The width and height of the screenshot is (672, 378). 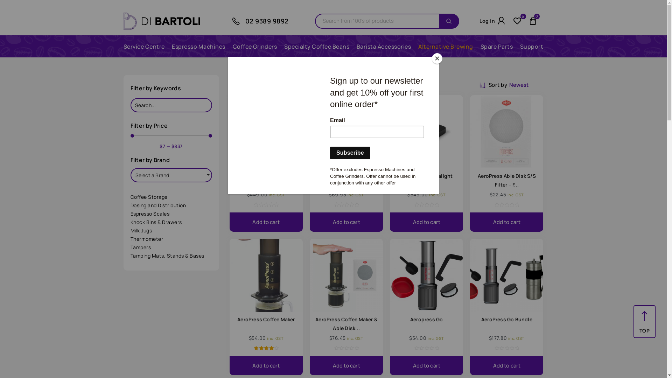 What do you see at coordinates (171, 213) in the screenshot?
I see `'Espresso Scales'` at bounding box center [171, 213].